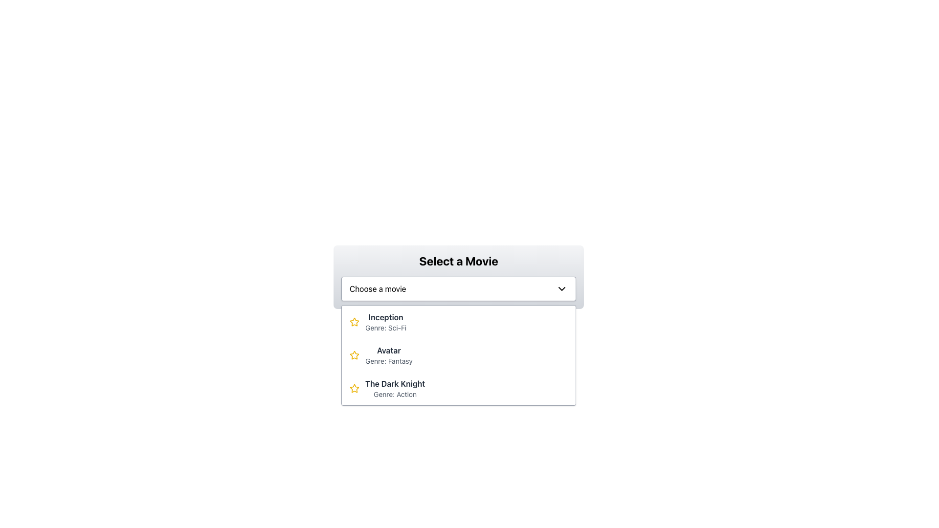 The height and width of the screenshot is (528, 939). Describe the element at coordinates (385, 317) in the screenshot. I see `the text label displaying the movie title 'Inception' located in the first row of the list under the 'Select a Movie' dropdown menu` at that location.